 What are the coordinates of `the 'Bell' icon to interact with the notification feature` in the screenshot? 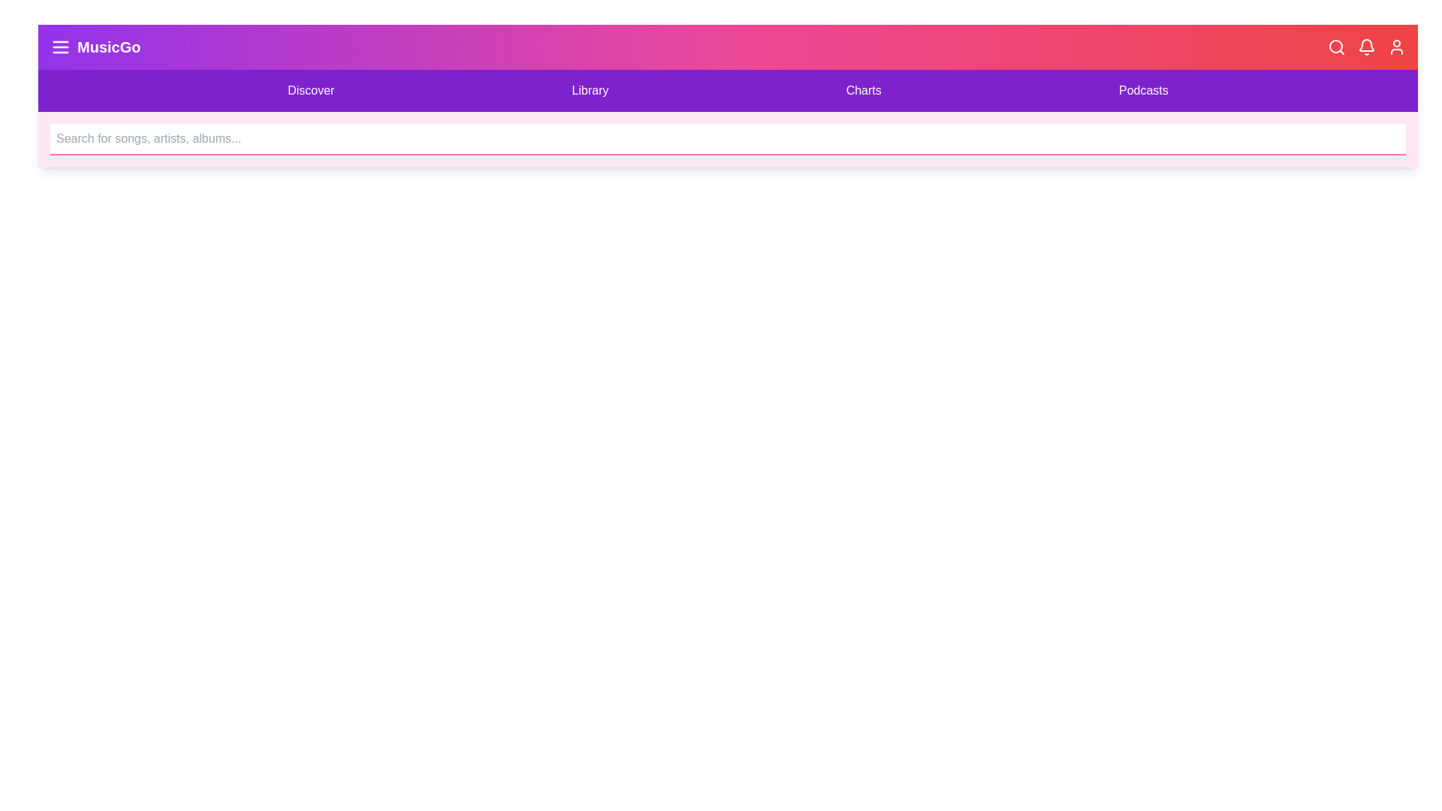 It's located at (1366, 46).